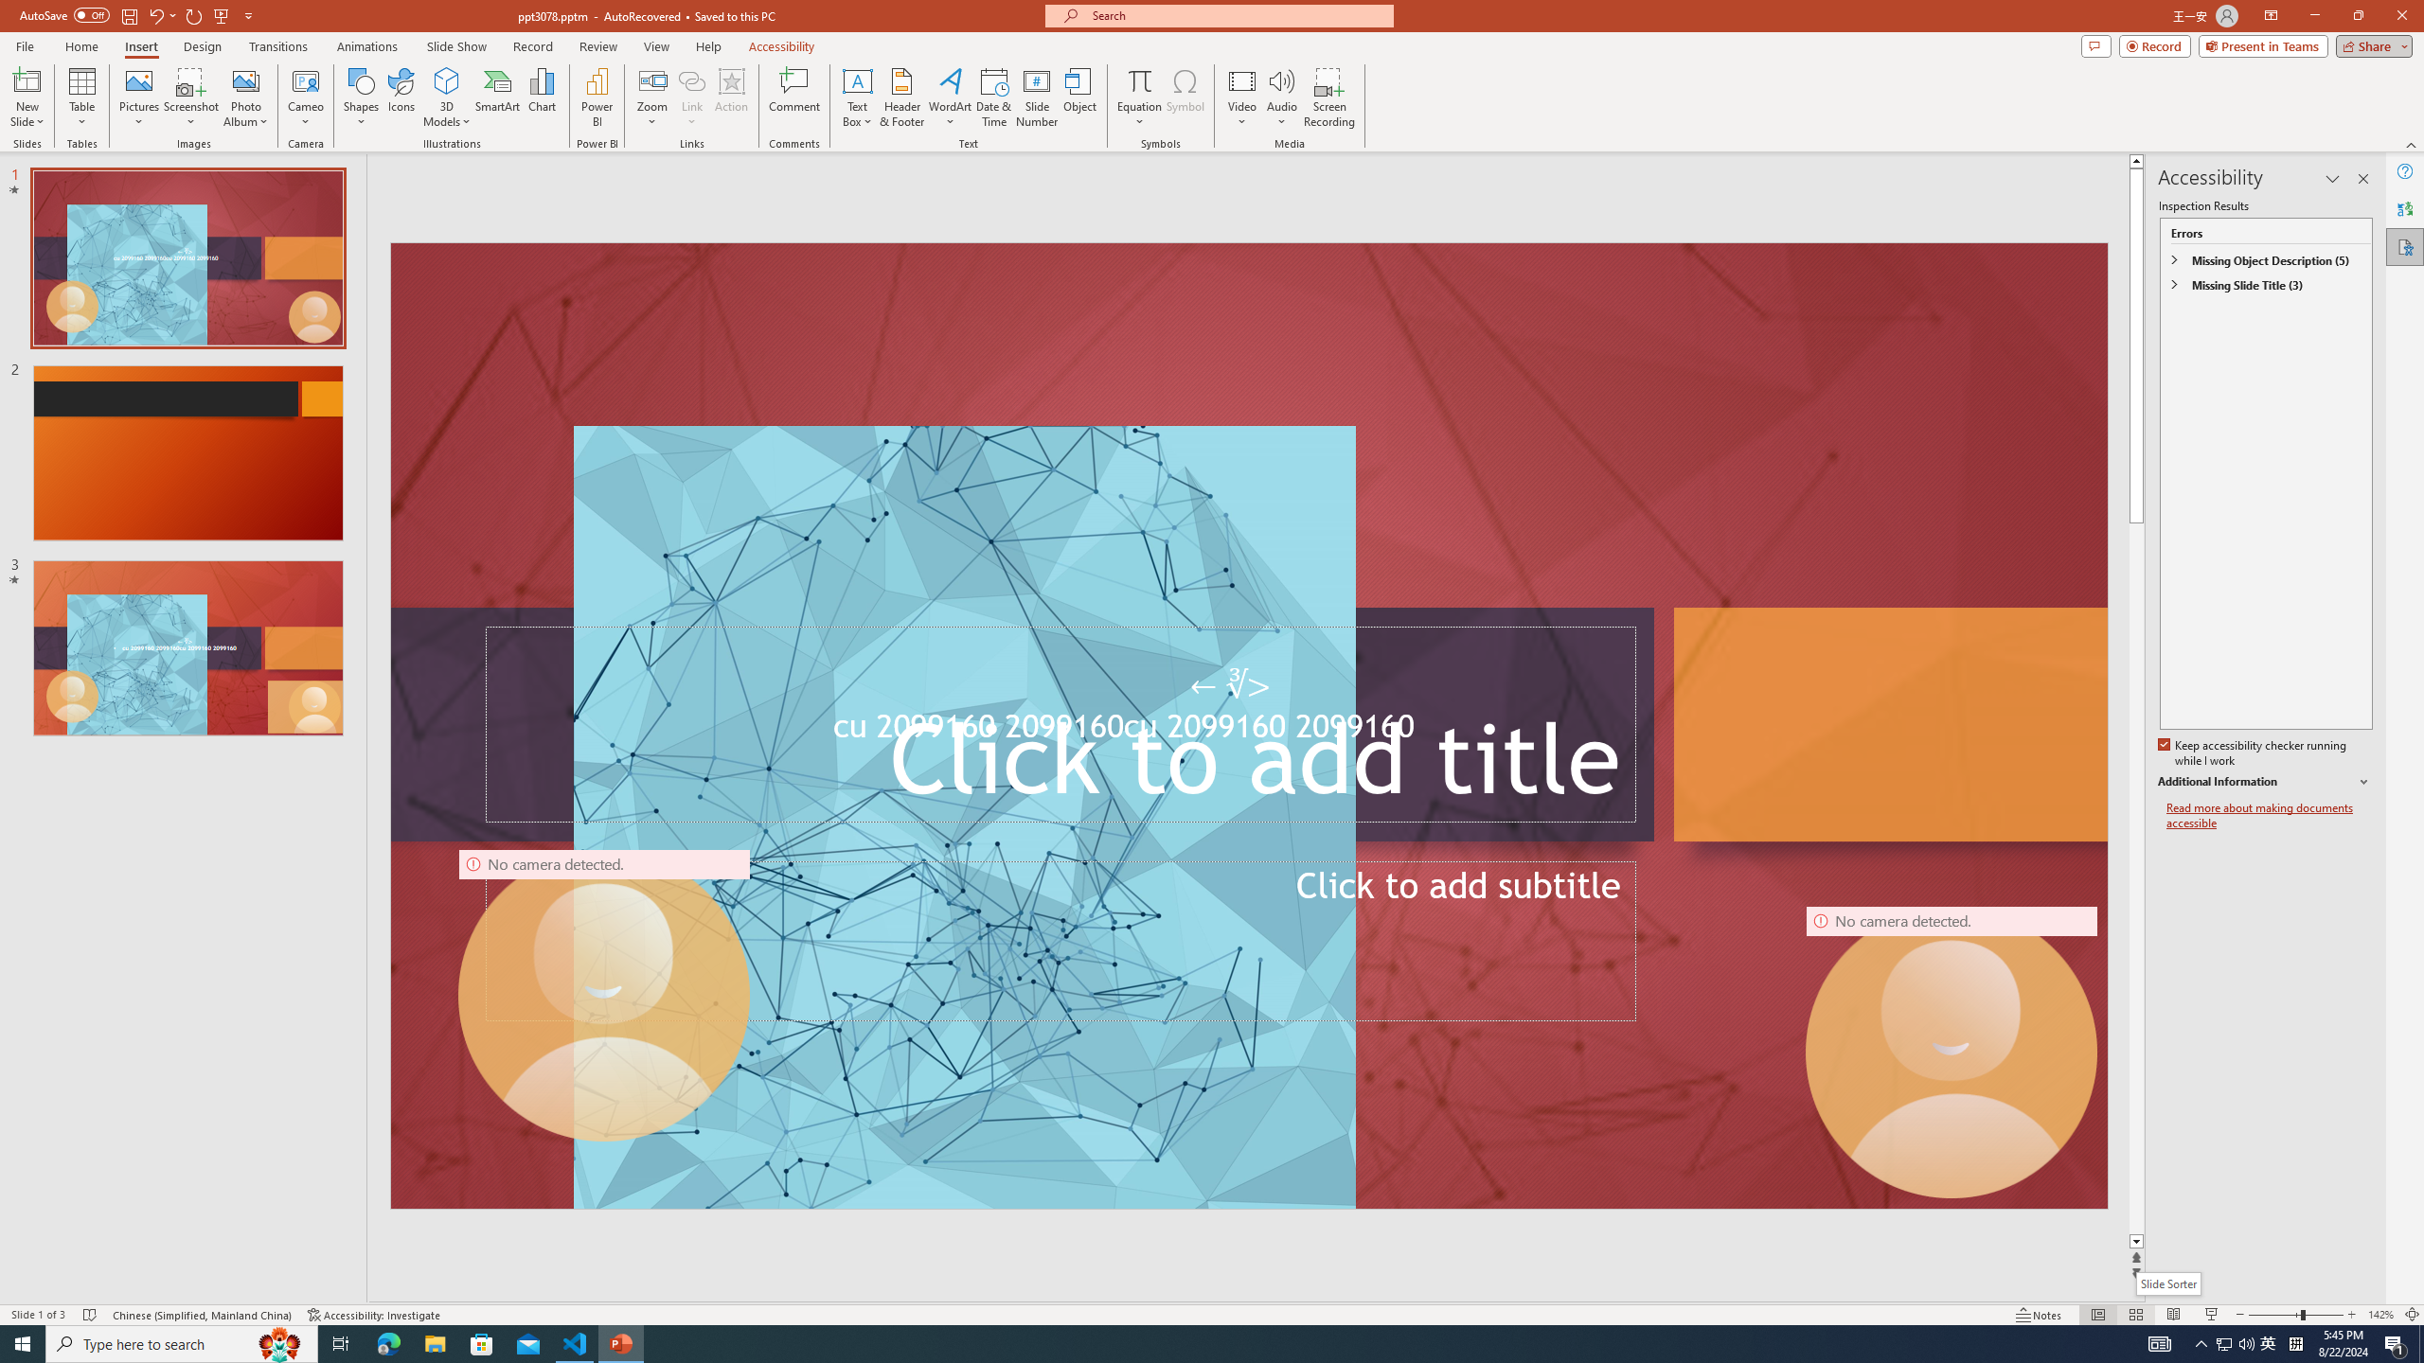 The image size is (2424, 1363). What do you see at coordinates (24, 44) in the screenshot?
I see `'File Tab'` at bounding box center [24, 44].